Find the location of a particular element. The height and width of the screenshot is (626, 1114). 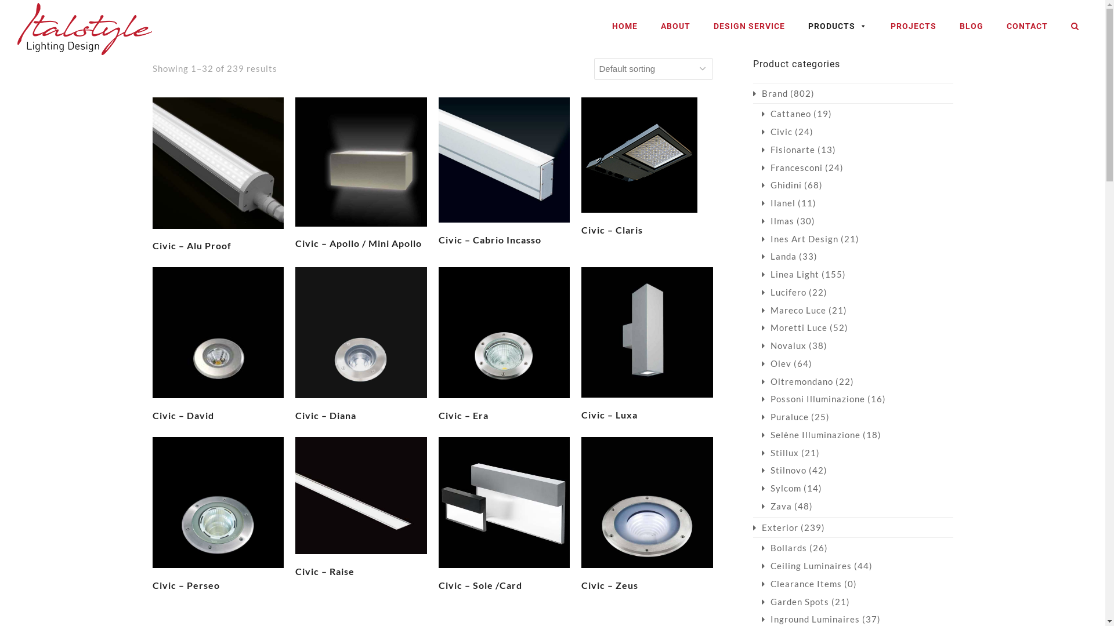

'ABOUT' is located at coordinates (675, 26).